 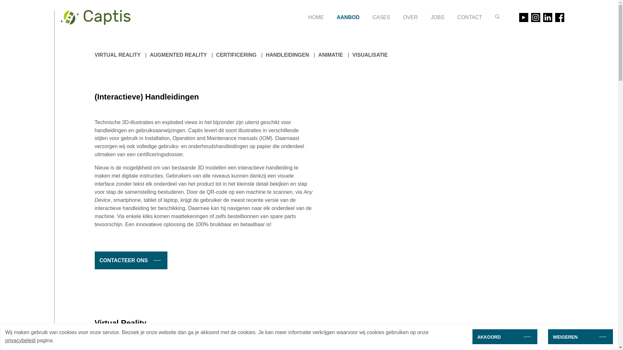 What do you see at coordinates (130, 260) in the screenshot?
I see `'CONTACTEER ONS'` at bounding box center [130, 260].